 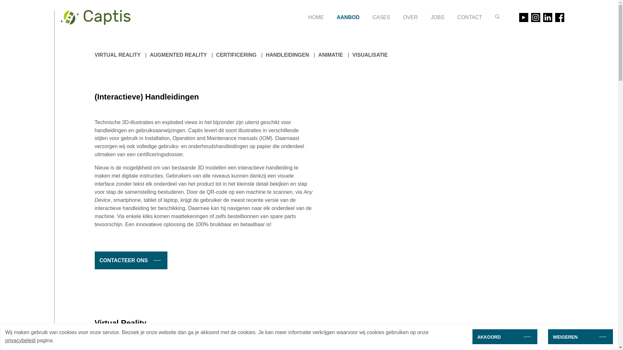 What do you see at coordinates (130, 260) in the screenshot?
I see `'CONTACTEER ONS'` at bounding box center [130, 260].